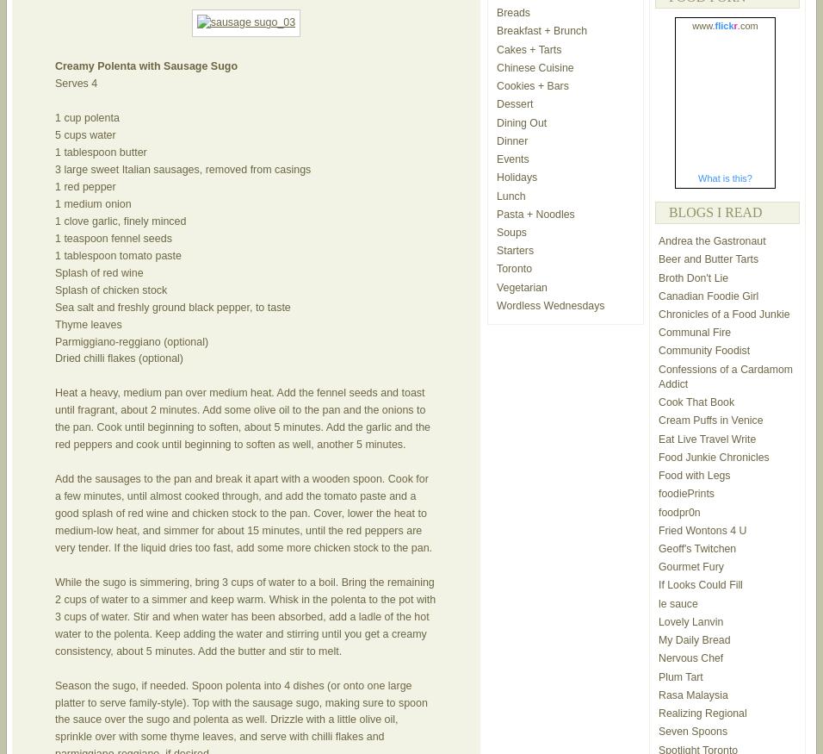 This screenshot has width=823, height=754. Describe the element at coordinates (723, 314) in the screenshot. I see `'Chronicles of a Food Junkie'` at that location.